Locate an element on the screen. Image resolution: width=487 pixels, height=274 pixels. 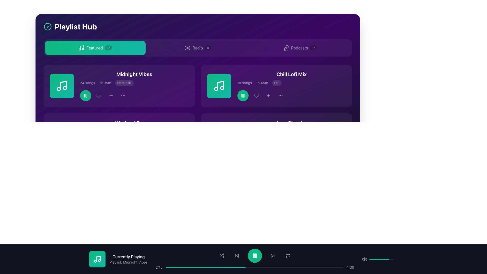
the 'Radio' icon located in the top navigation bar between the 'Featured' and 'Podcasts' buttons is located at coordinates (187, 48).